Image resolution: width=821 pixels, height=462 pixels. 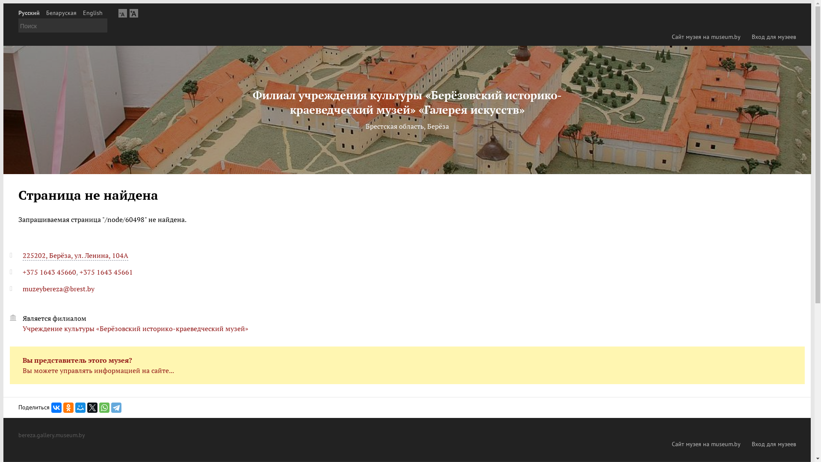 I want to click on '+375 1643 45661', so click(x=106, y=272).